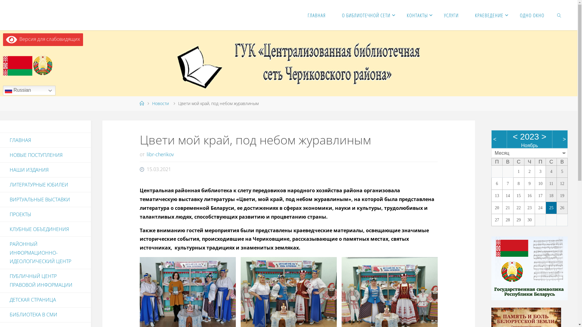 Image resolution: width=582 pixels, height=327 pixels. Describe the element at coordinates (541, 137) in the screenshot. I see `'>'` at that location.